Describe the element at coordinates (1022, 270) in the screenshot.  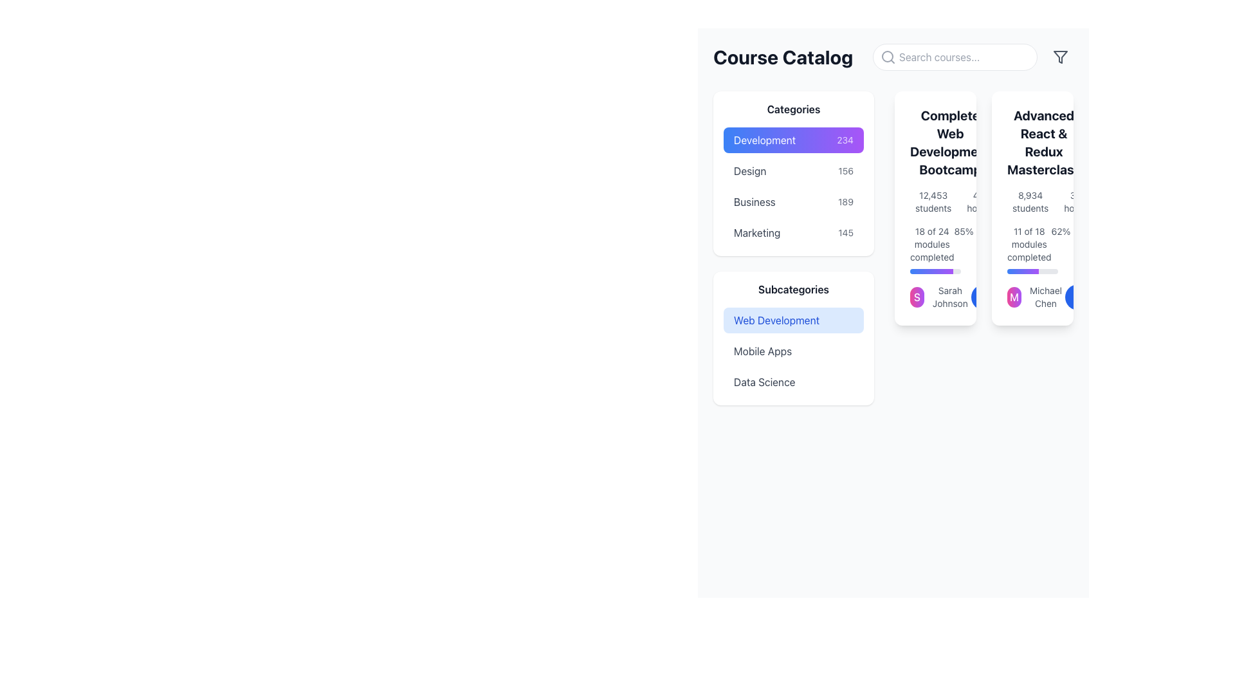
I see `the narrow rectangular gradient progress indicator transitioning from blue to purple, located at the bottom of the second card on the right-hand side of the interface` at that location.